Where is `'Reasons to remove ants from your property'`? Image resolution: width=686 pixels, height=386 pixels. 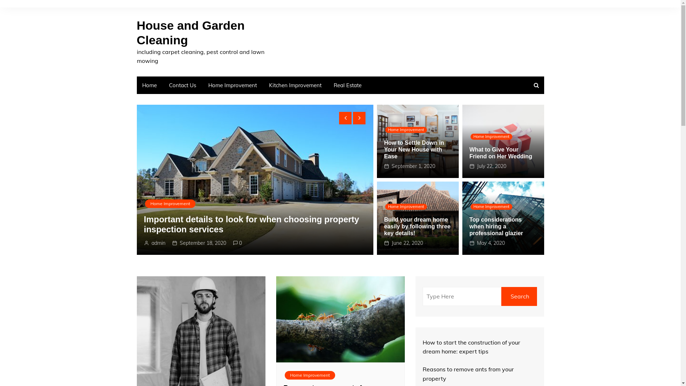 'Reasons to remove ants from your property' is located at coordinates (468, 373).